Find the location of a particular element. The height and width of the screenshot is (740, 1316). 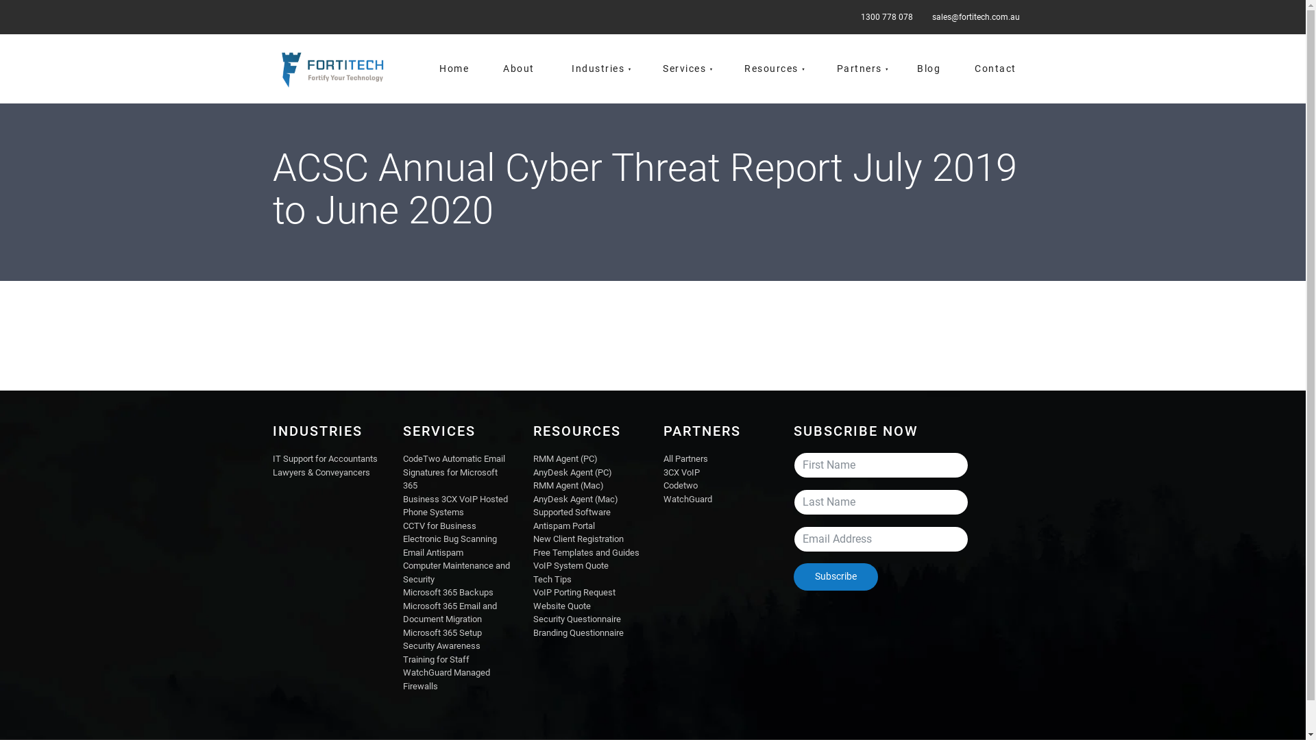

'Codetwo' is located at coordinates (681, 484).